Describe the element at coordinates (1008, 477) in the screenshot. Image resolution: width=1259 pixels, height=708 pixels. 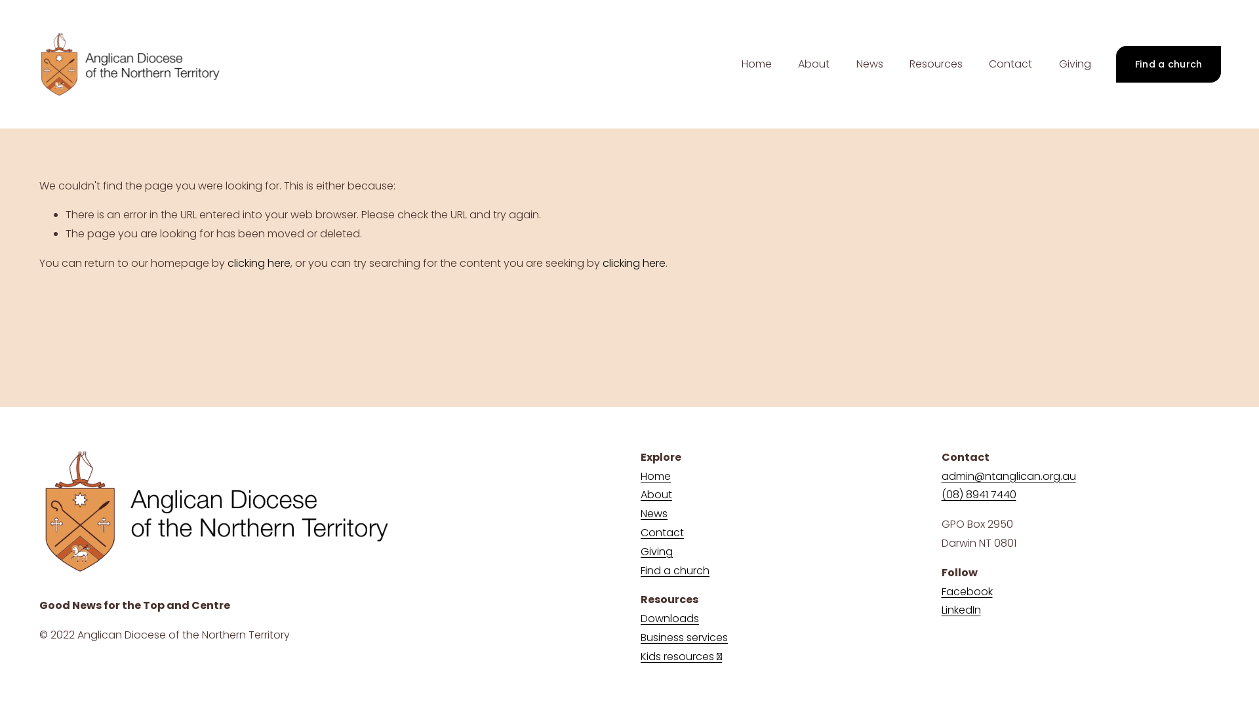
I see `'admin@ntanglican.org.au'` at that location.